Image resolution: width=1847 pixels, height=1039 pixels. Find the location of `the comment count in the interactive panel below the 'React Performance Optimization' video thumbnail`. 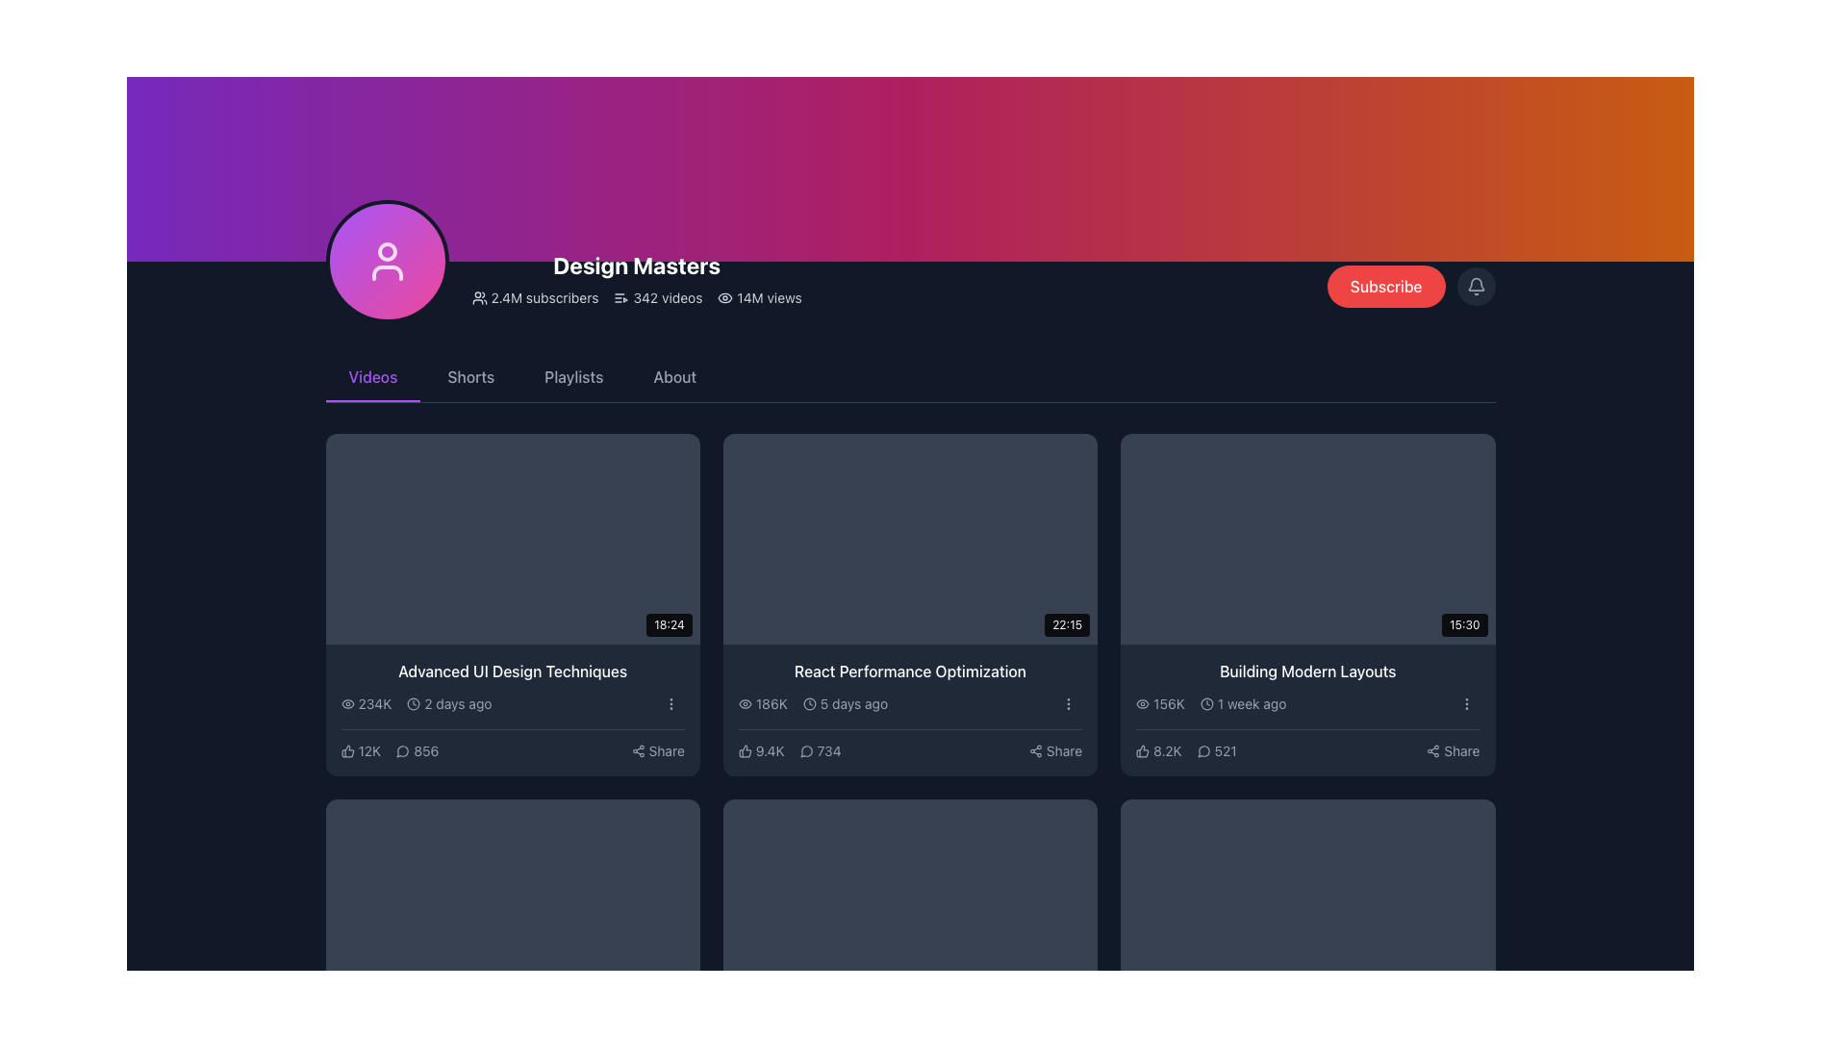

the comment count in the interactive panel below the 'React Performance Optimization' video thumbnail is located at coordinates (909, 744).